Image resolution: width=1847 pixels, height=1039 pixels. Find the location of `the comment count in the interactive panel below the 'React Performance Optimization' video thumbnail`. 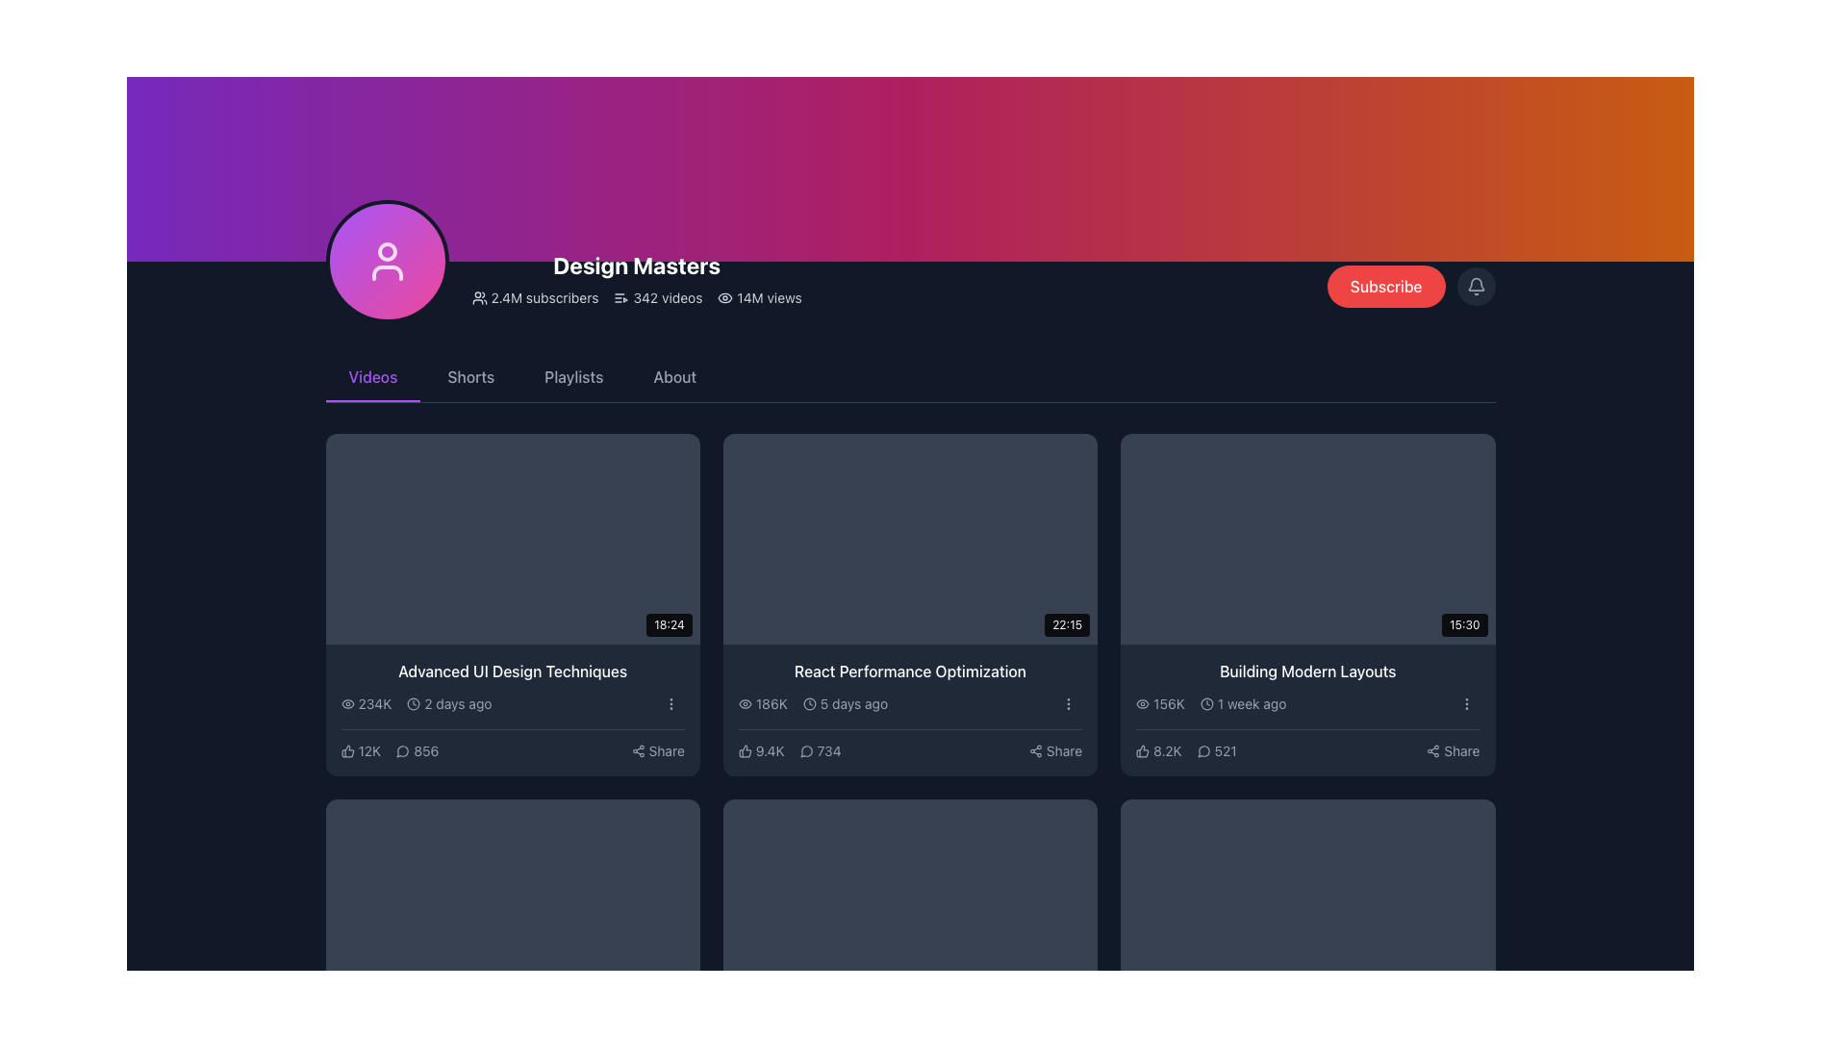

the comment count in the interactive panel below the 'React Performance Optimization' video thumbnail is located at coordinates (909, 744).